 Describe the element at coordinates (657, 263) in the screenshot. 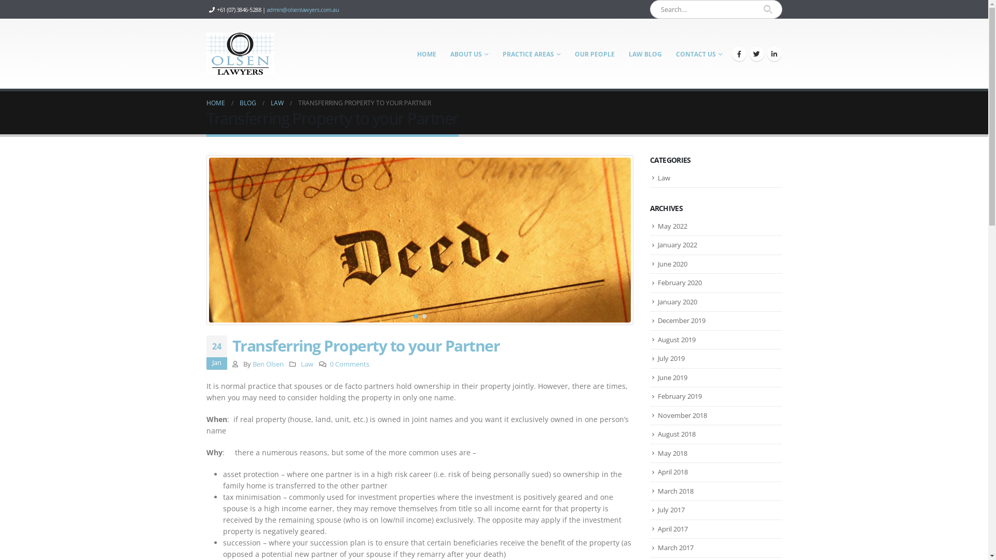

I see `'June 2020'` at that location.